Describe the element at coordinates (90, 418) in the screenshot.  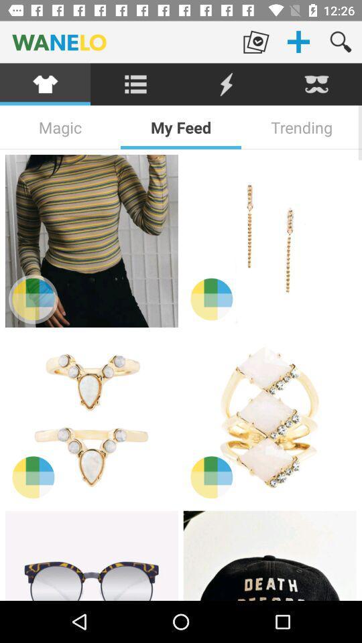
I see `the item` at that location.